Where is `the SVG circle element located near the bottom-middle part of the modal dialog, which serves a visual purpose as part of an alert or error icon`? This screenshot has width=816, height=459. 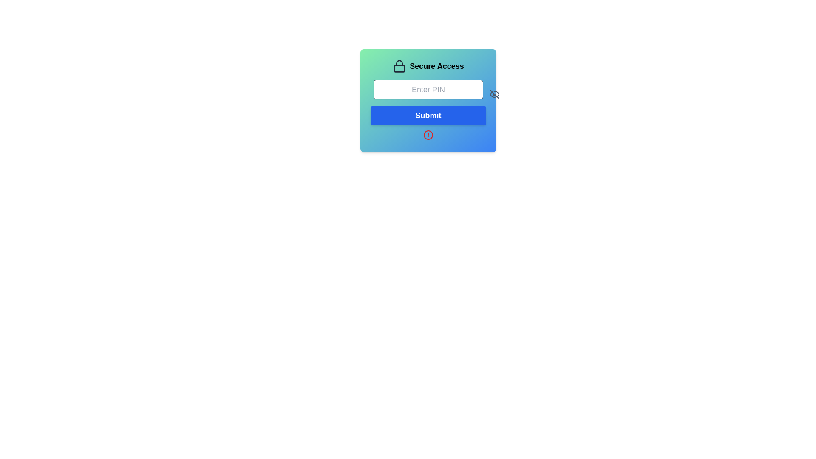 the SVG circle element located near the bottom-middle part of the modal dialog, which serves a visual purpose as part of an alert or error icon is located at coordinates (428, 134).